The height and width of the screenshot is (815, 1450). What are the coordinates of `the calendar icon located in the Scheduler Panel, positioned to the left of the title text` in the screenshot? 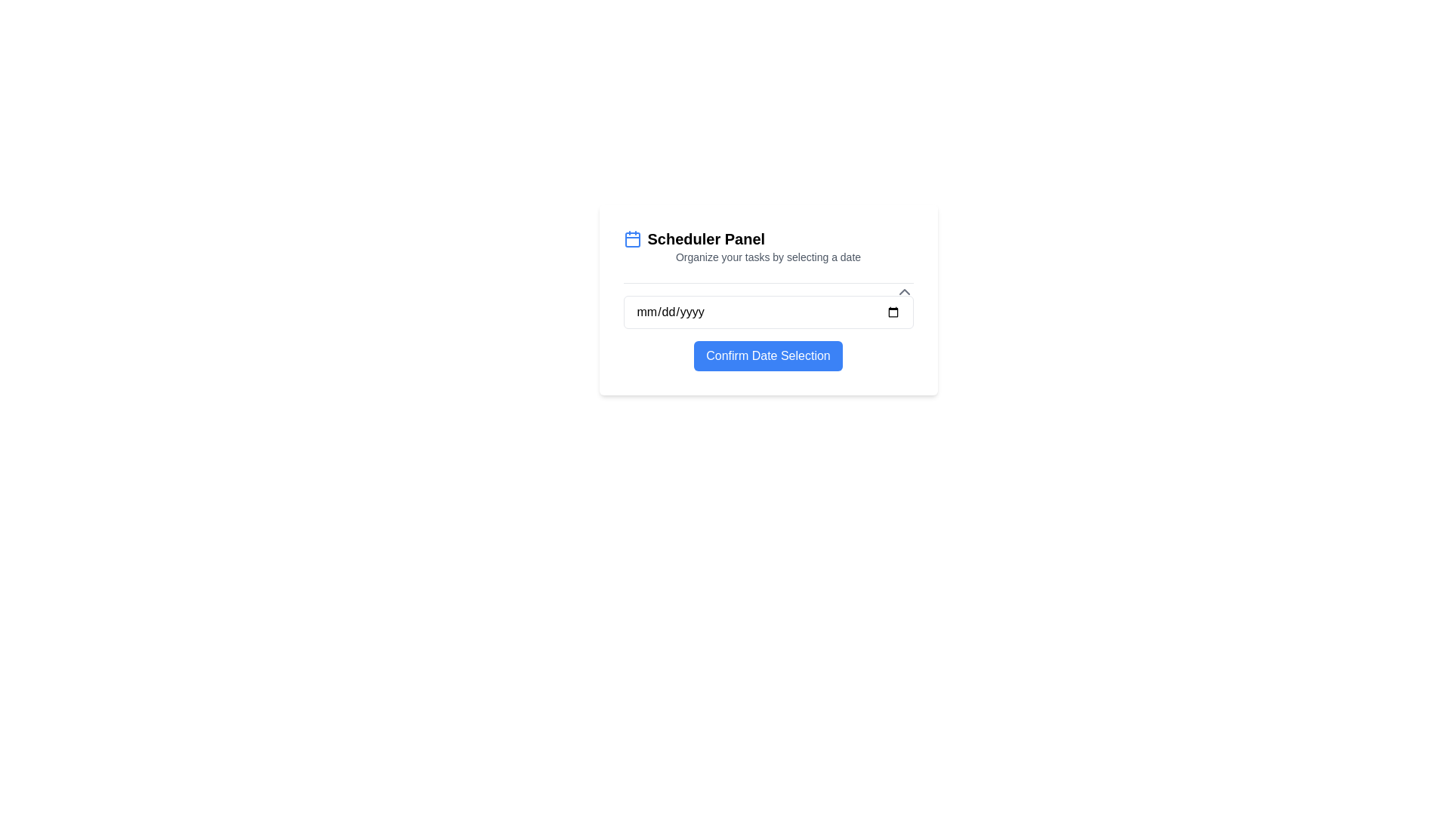 It's located at (632, 238).